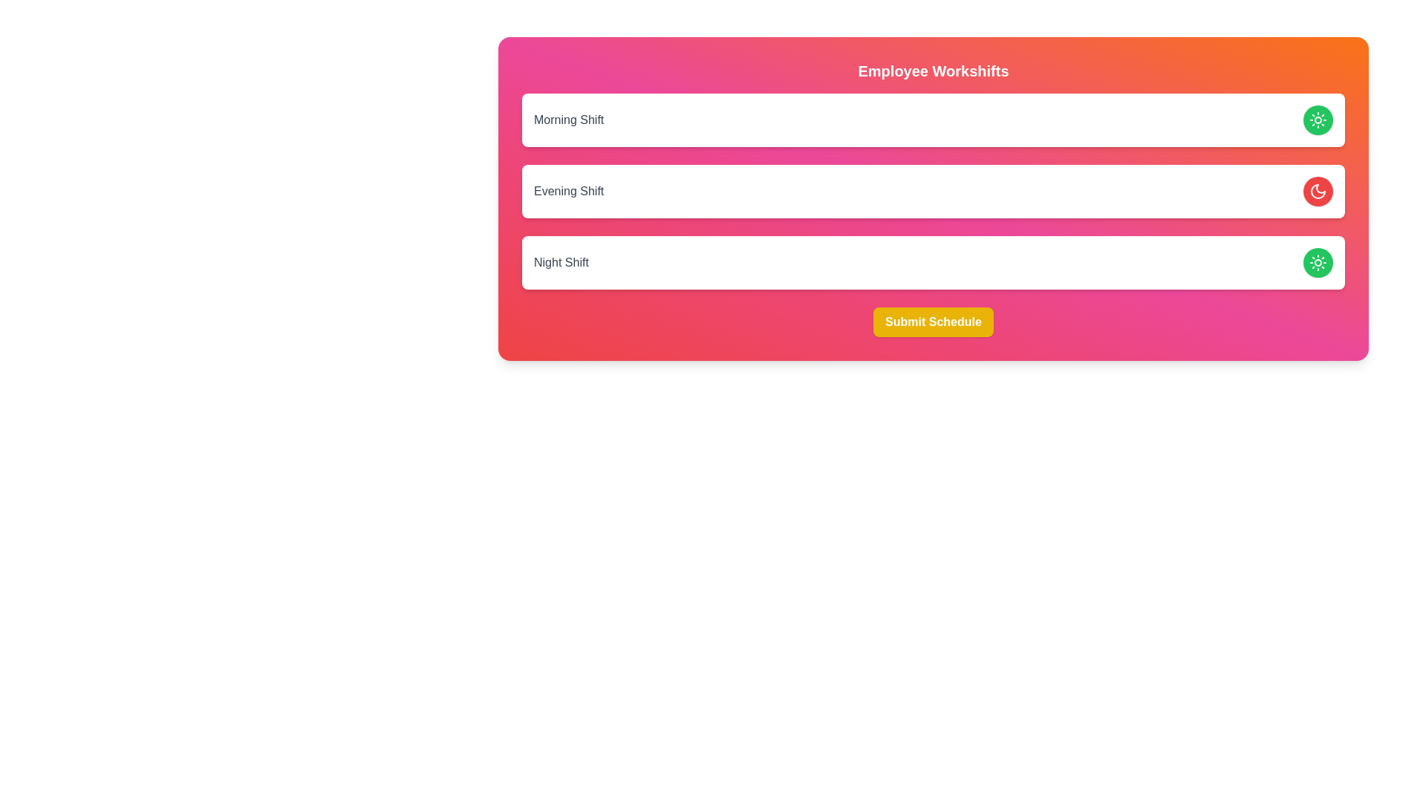 The width and height of the screenshot is (1426, 802). What do you see at coordinates (1318, 120) in the screenshot?
I see `the Morning Shift toggle button to change its state` at bounding box center [1318, 120].